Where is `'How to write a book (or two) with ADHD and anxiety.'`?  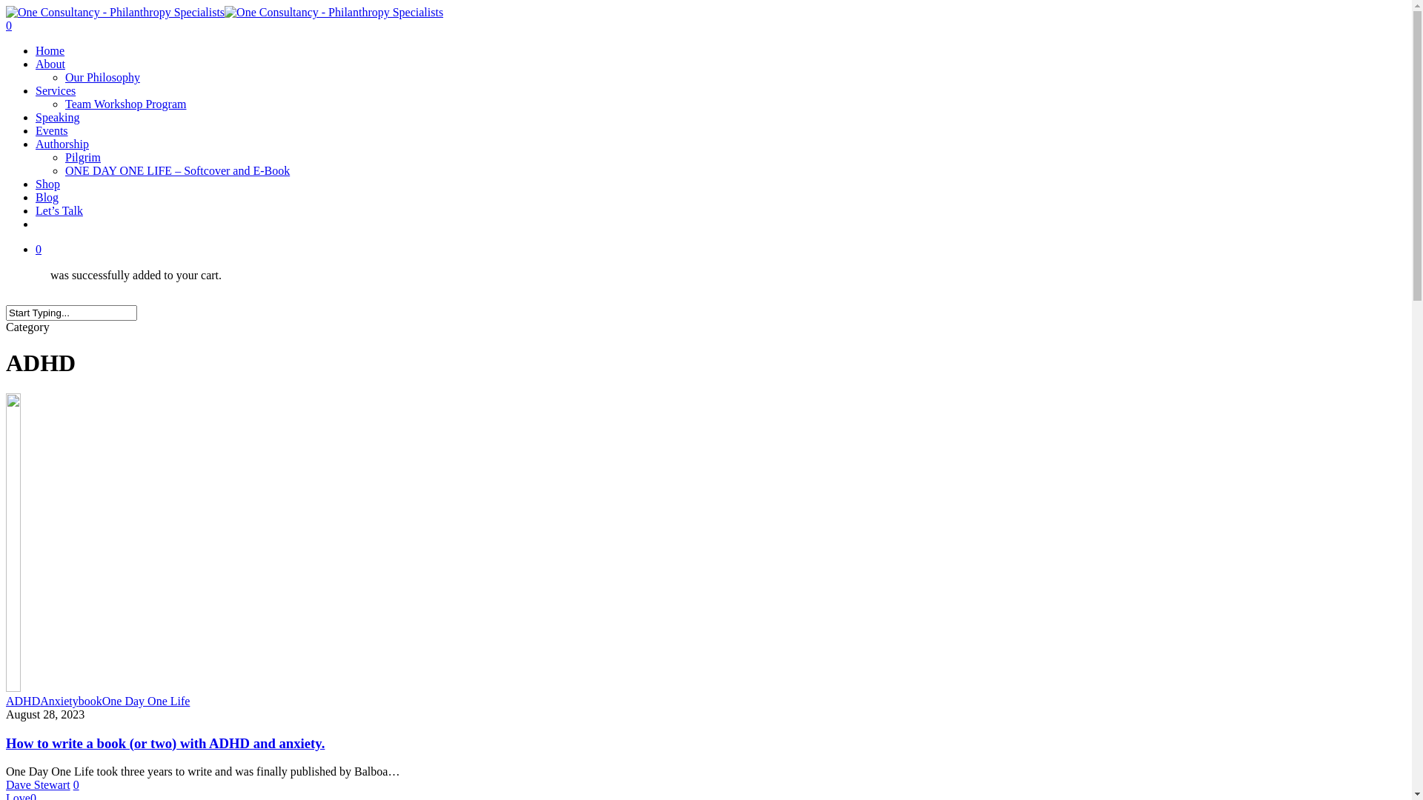
'How to write a book (or two) with ADHD and anxiety.' is located at coordinates (165, 743).